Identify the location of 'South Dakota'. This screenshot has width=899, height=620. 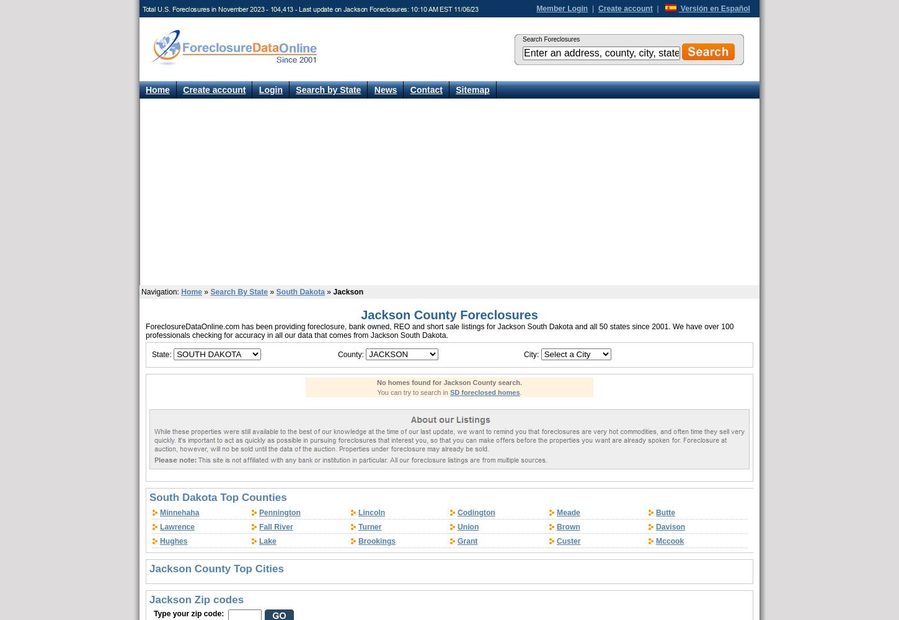
(300, 291).